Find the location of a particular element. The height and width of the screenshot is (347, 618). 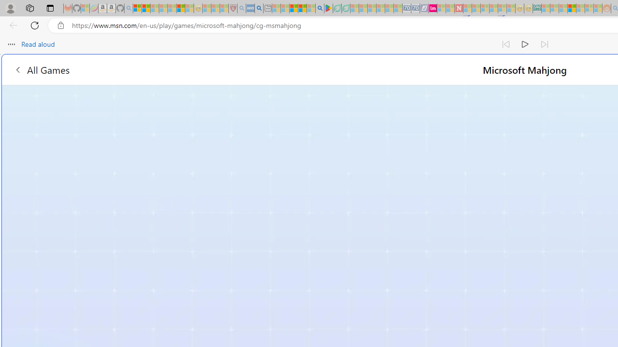

'Terms of Use Agreement - Sleeping' is located at coordinates (337, 8).